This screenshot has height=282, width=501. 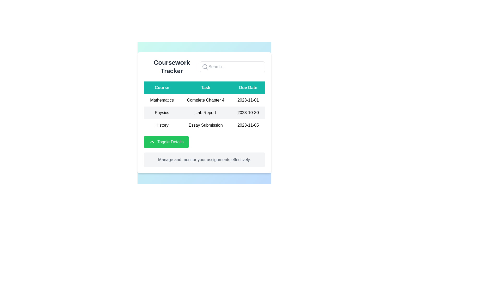 I want to click on the third row in the table that contains the columns 'History', 'Essay Submission', and '2023-11-05' with a white background, so click(x=204, y=125).